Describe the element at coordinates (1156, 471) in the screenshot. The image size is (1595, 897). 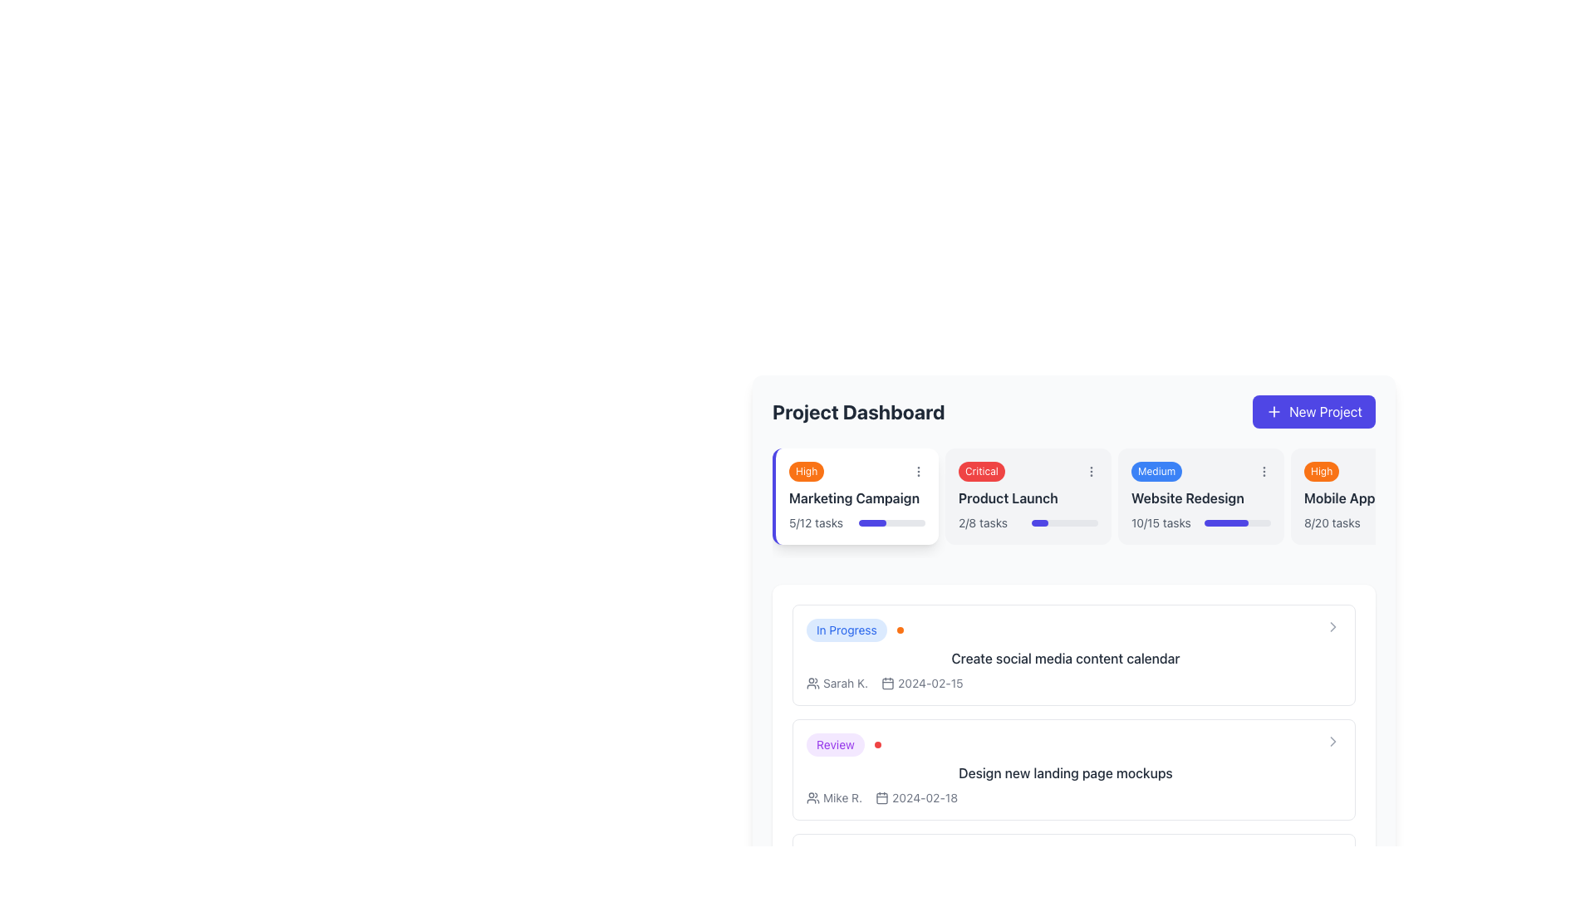
I see `the content of the pill-shaped button labeled 'Medium' with a blue background located at the top-right corner of the 'Website Redesign' card` at that location.